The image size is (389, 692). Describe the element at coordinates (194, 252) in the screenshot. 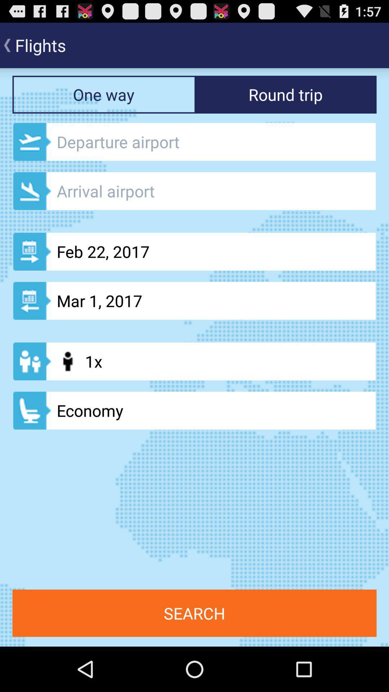

I see `the button which is above the mar 1 2017` at that location.